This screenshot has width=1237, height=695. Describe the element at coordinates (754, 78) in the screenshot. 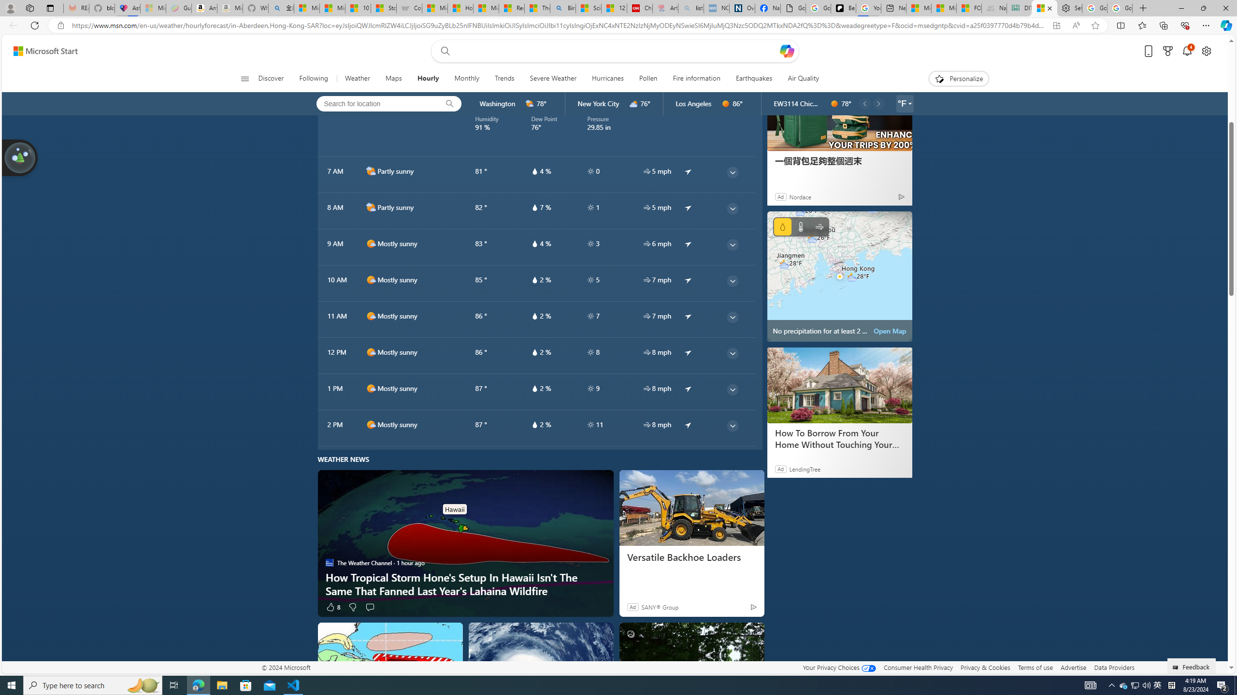

I see `'Earthquakes'` at that location.